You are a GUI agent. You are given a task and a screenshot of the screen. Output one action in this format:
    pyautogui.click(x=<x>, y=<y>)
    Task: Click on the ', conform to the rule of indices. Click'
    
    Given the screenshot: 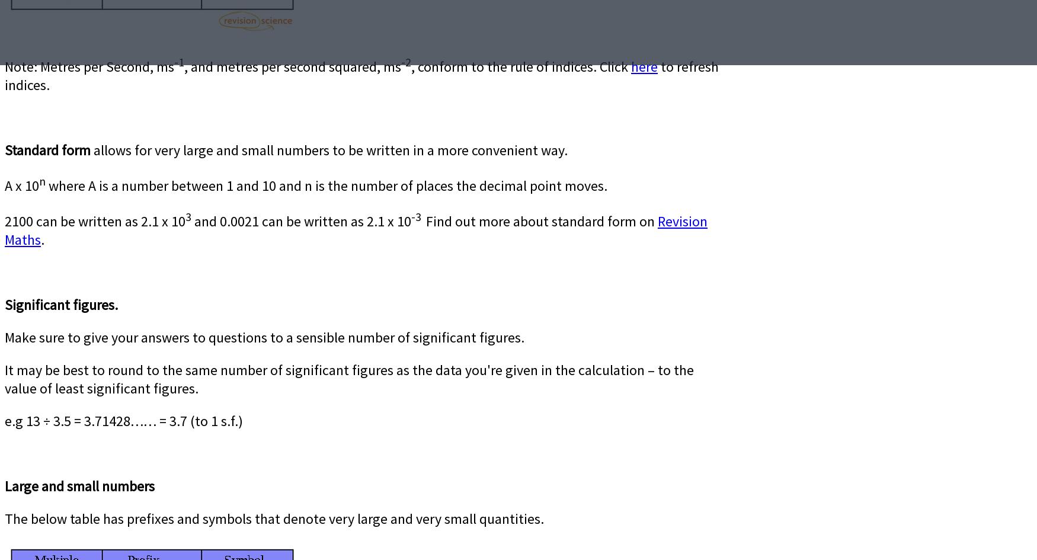 What is the action you would take?
    pyautogui.click(x=520, y=66)
    